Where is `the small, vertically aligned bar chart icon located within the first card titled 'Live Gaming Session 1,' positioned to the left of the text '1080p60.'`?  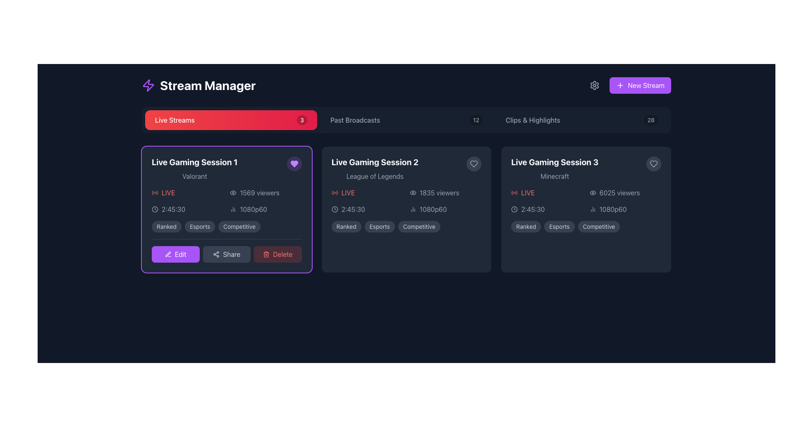
the small, vertically aligned bar chart icon located within the first card titled 'Live Gaming Session 1,' positioned to the left of the text '1080p60.' is located at coordinates (233, 209).